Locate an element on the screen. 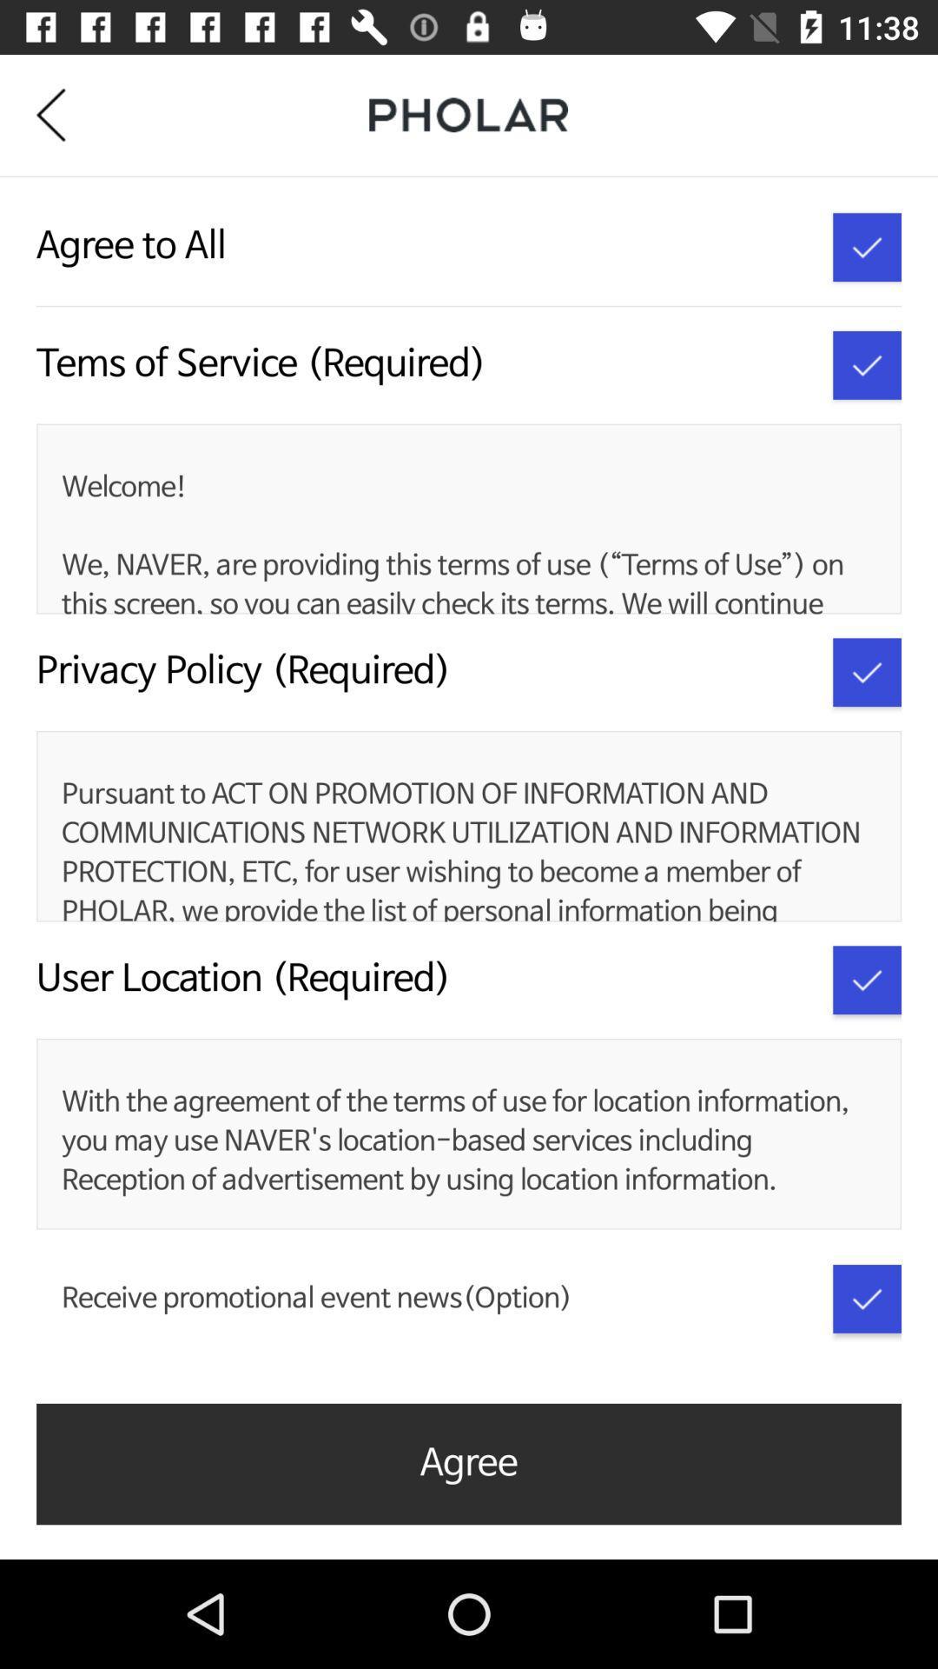 The image size is (938, 1669). accepted terms of service is located at coordinates (867, 364).